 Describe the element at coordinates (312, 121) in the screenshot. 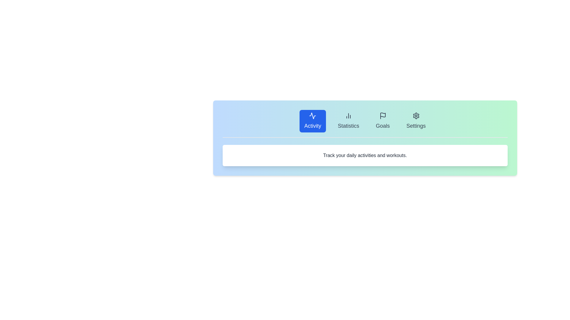

I see `the Activity tab by clicking on its button` at that location.